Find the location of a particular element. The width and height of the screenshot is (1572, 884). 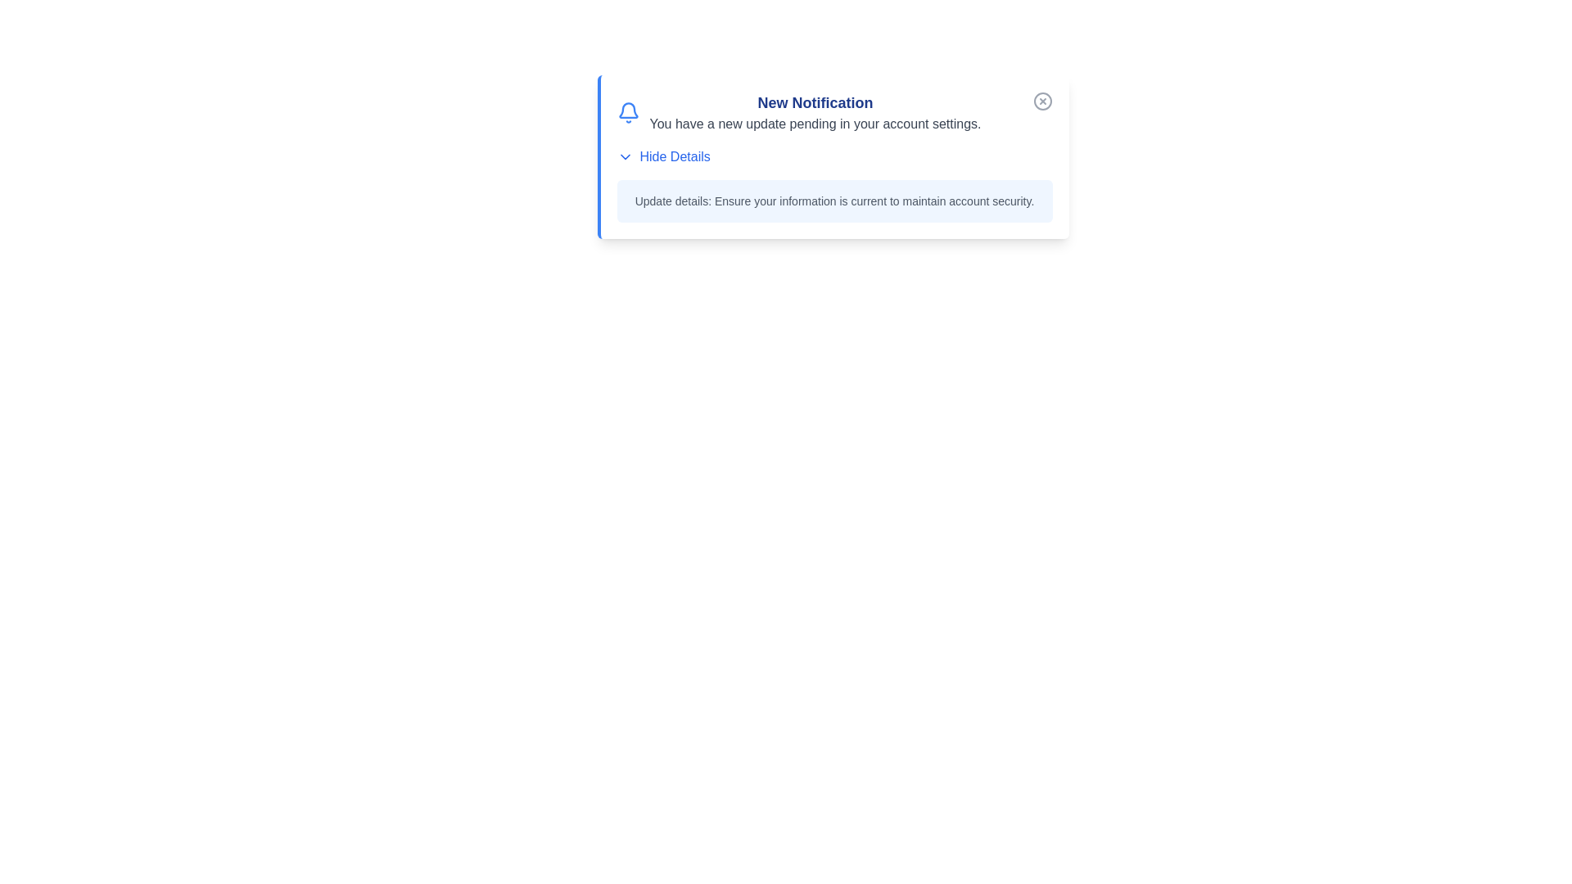

the text label that reads 'Update details: Ensure your information is current to maintain account security.' which is centrally located within a rounded, light-blue background section is located at coordinates (834, 201).